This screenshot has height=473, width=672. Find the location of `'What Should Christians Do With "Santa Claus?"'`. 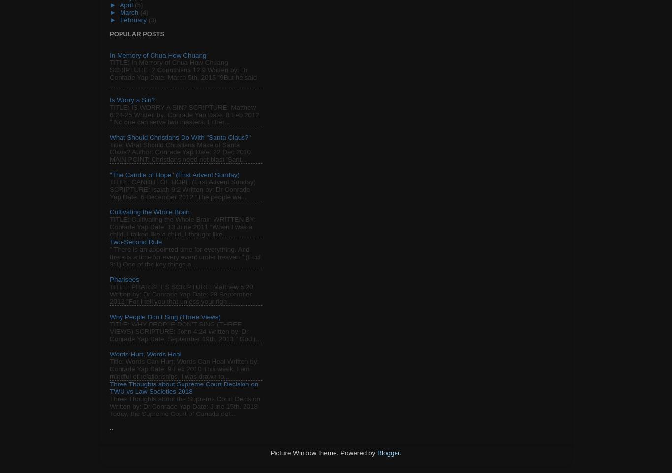

'What Should Christians Do With "Santa Claus?"' is located at coordinates (180, 137).